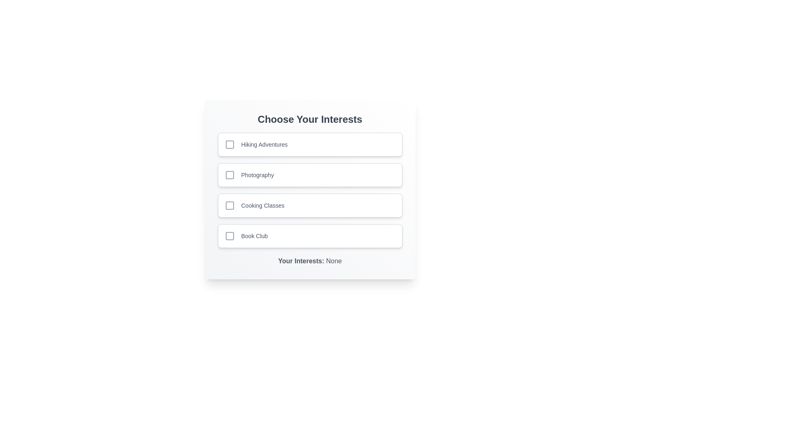  I want to click on any item in the selectable interests grid that is centered below the heading 'Choose Your Interests' and above the text 'Your Interests: None', so click(309, 190).